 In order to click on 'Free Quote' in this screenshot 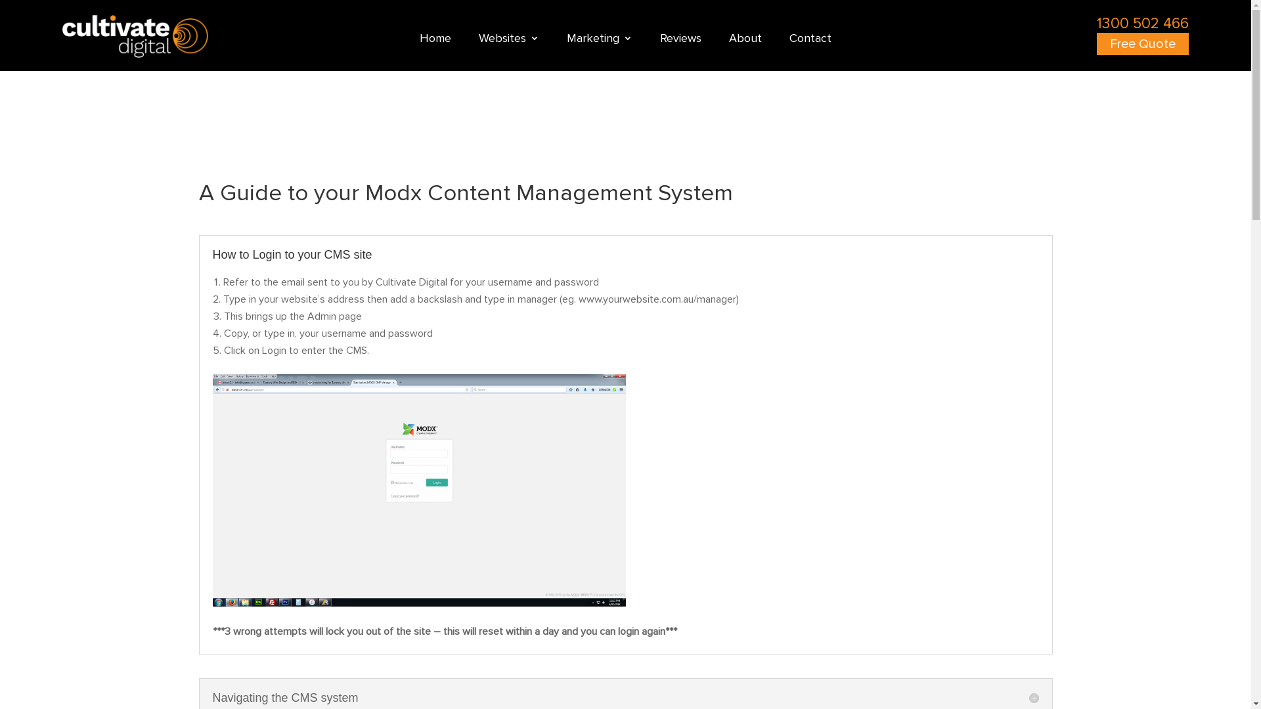, I will do `click(1141, 43)`.